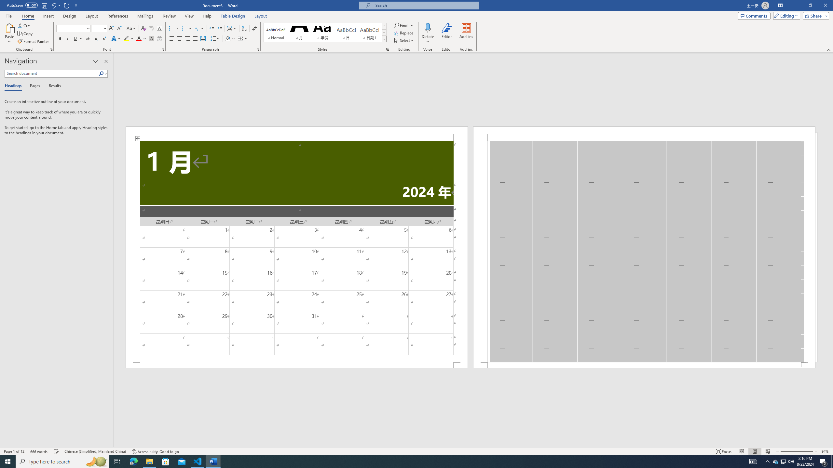  What do you see at coordinates (403, 32) in the screenshot?
I see `'Replace...'` at bounding box center [403, 32].